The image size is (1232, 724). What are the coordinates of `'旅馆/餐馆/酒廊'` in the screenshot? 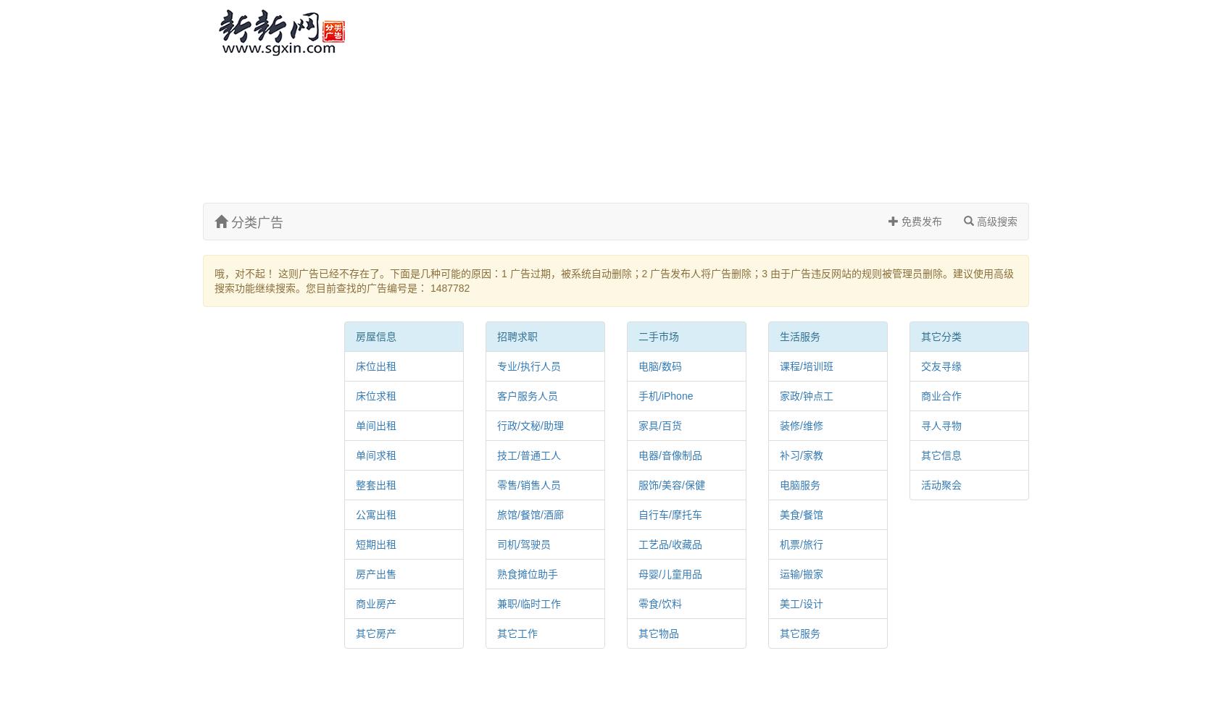 It's located at (530, 514).